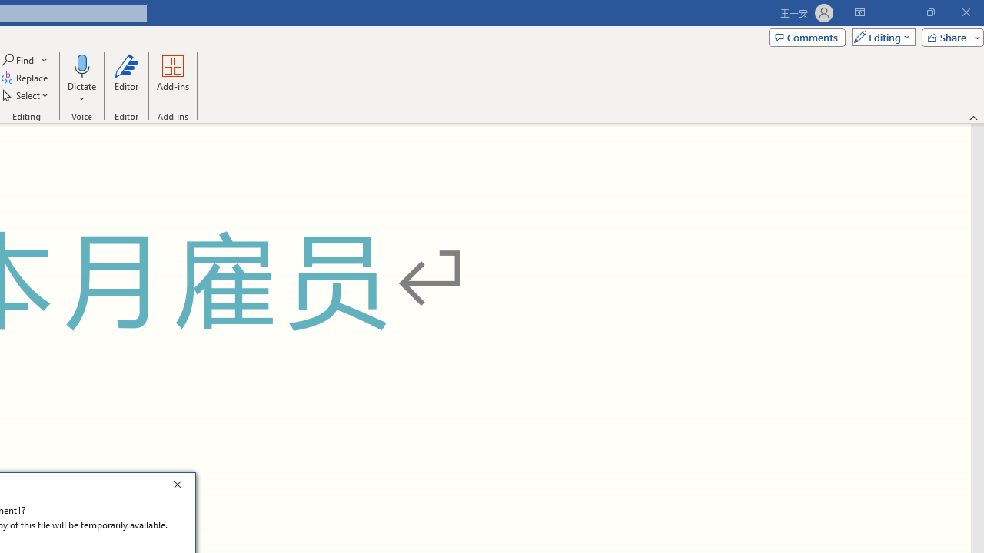 Image resolution: width=984 pixels, height=553 pixels. What do you see at coordinates (879, 36) in the screenshot?
I see `'Editing'` at bounding box center [879, 36].